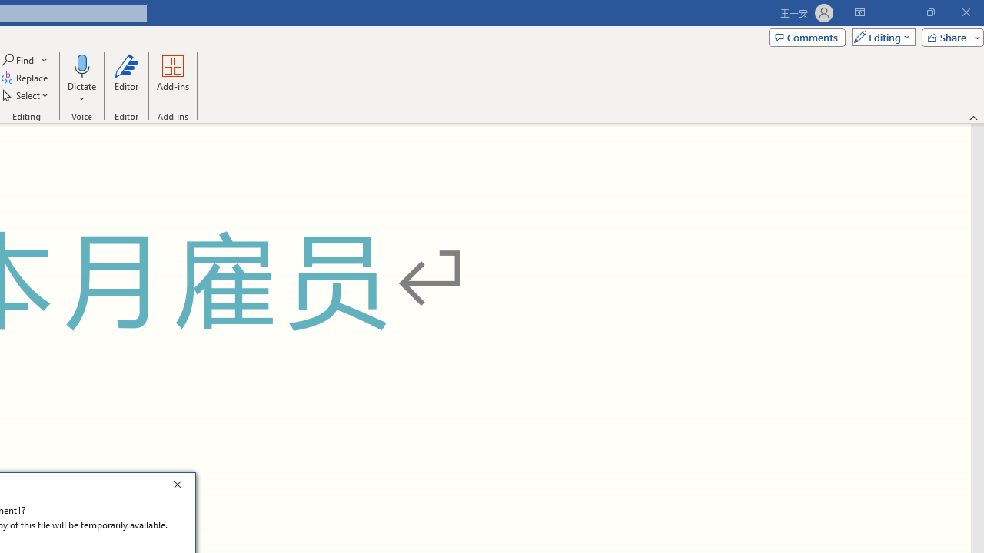 Image resolution: width=984 pixels, height=553 pixels. What do you see at coordinates (879, 36) in the screenshot?
I see `'Editing'` at bounding box center [879, 36].